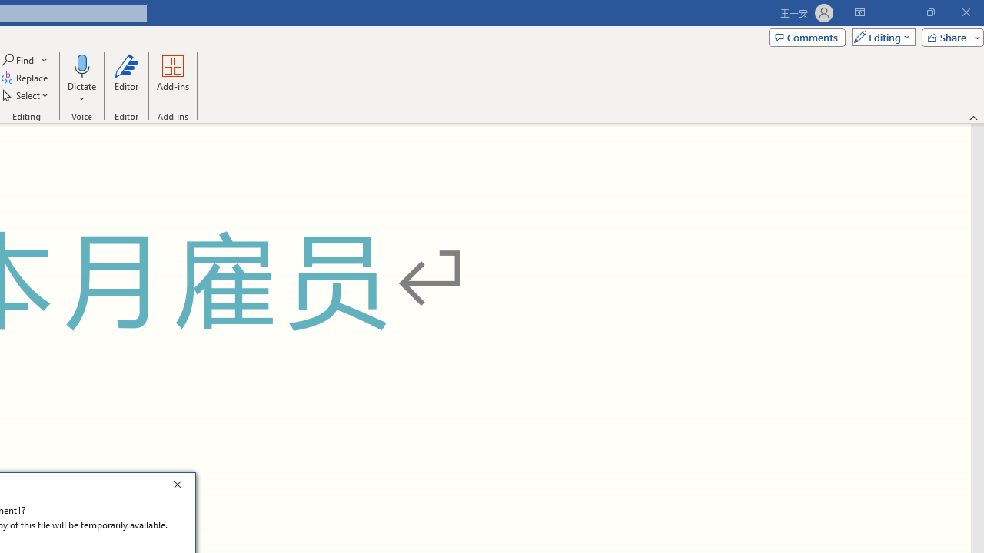 Image resolution: width=984 pixels, height=553 pixels. What do you see at coordinates (879, 36) in the screenshot?
I see `'Editing'` at bounding box center [879, 36].